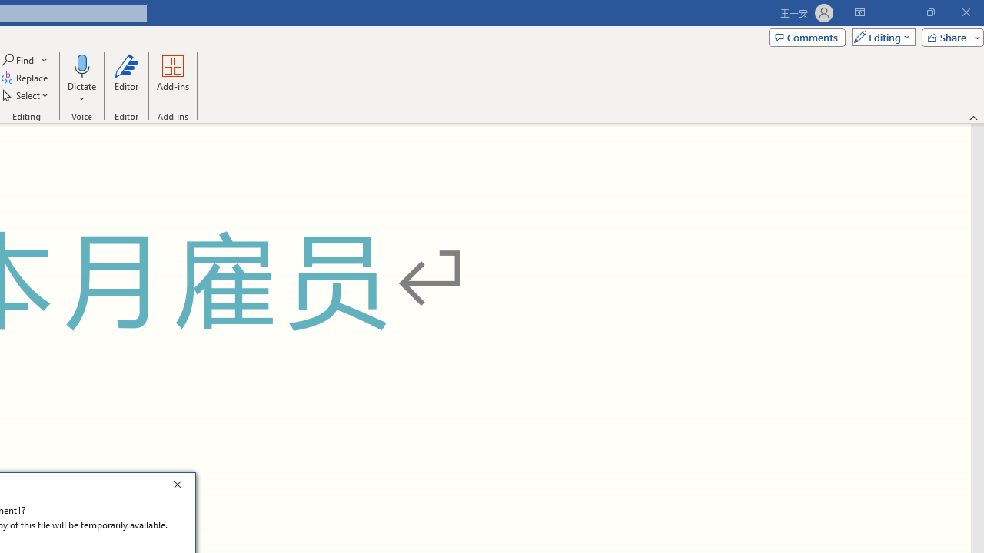 Image resolution: width=984 pixels, height=553 pixels. What do you see at coordinates (879, 36) in the screenshot?
I see `'Editing'` at bounding box center [879, 36].